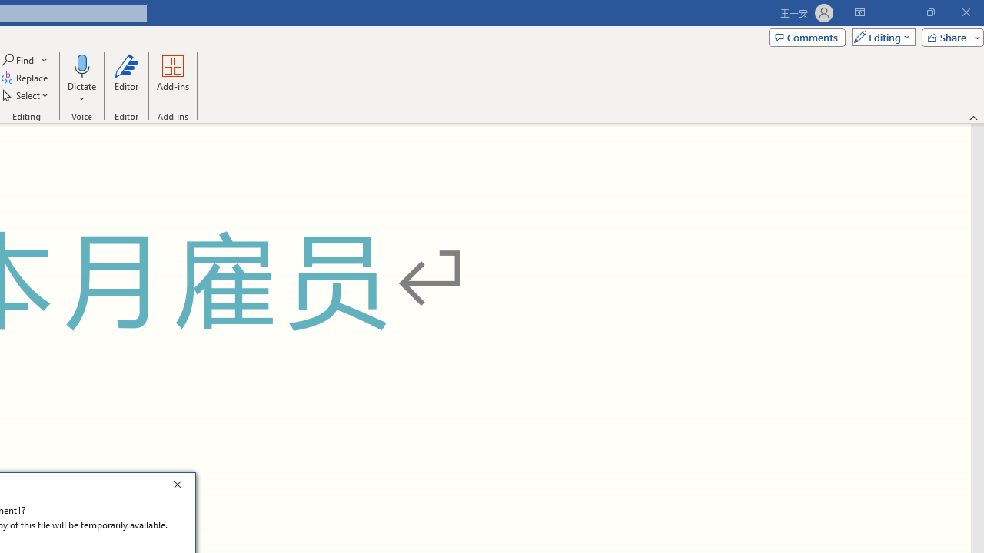 Image resolution: width=984 pixels, height=553 pixels. What do you see at coordinates (879, 36) in the screenshot?
I see `'Editing'` at bounding box center [879, 36].